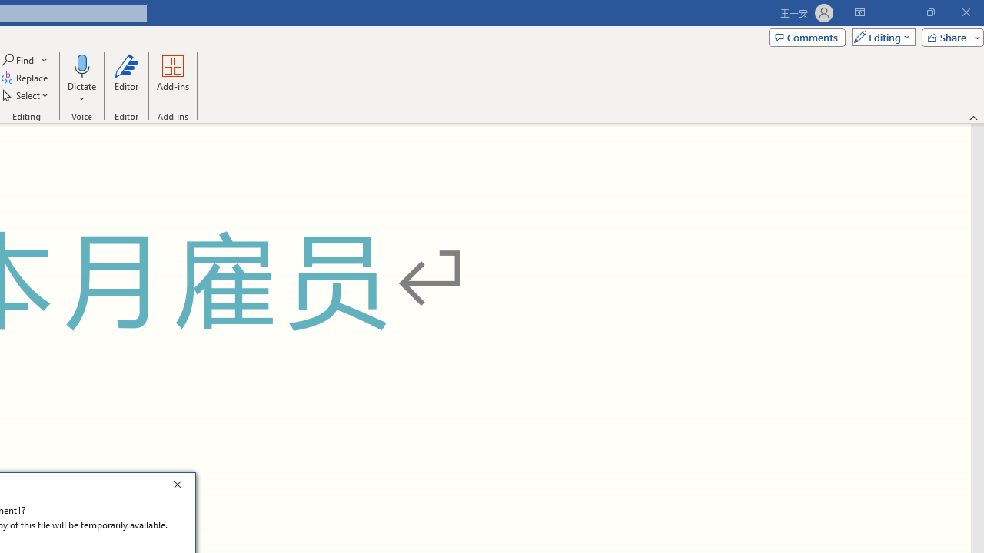 Image resolution: width=984 pixels, height=553 pixels. What do you see at coordinates (879, 36) in the screenshot?
I see `'Editing'` at bounding box center [879, 36].